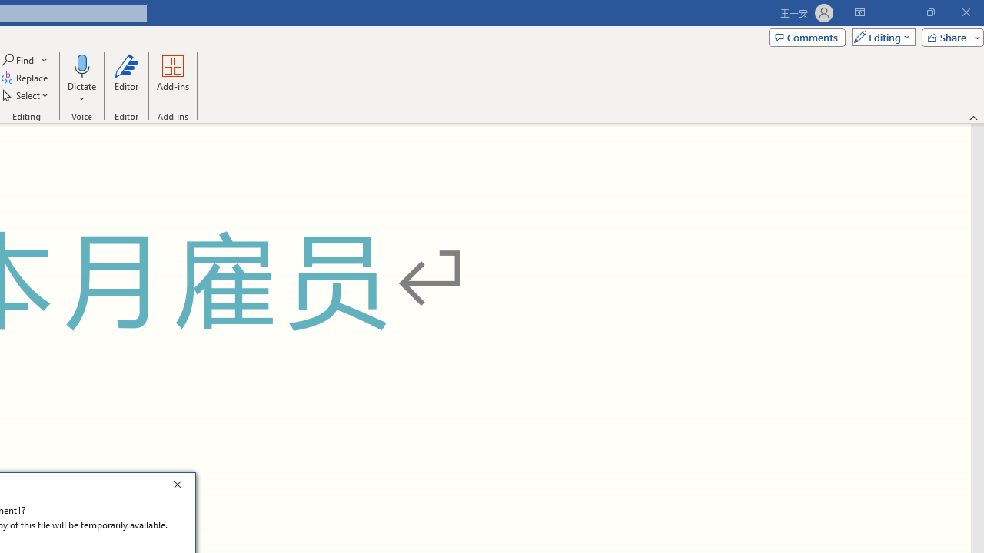 Image resolution: width=984 pixels, height=553 pixels. What do you see at coordinates (879, 36) in the screenshot?
I see `'Editing'` at bounding box center [879, 36].